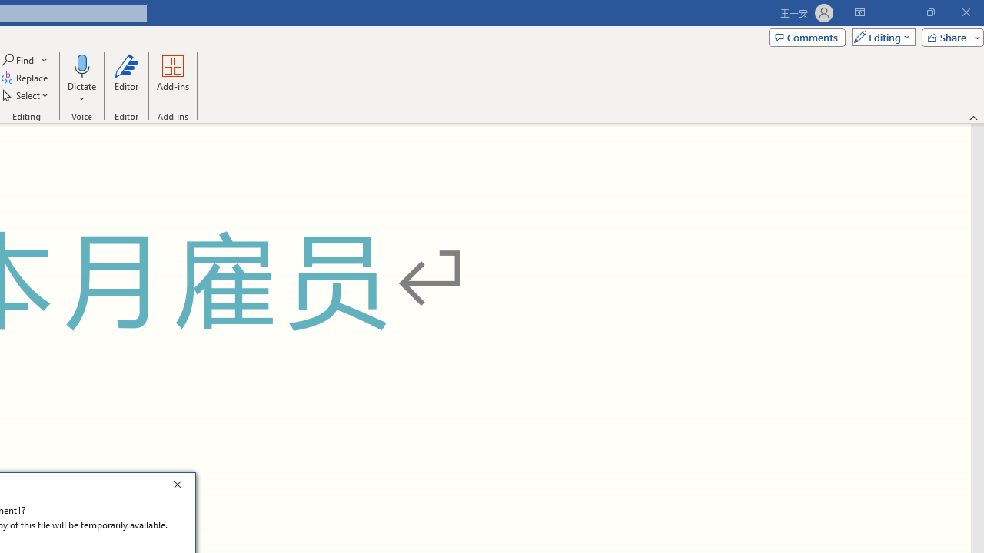 Image resolution: width=984 pixels, height=553 pixels. What do you see at coordinates (879, 36) in the screenshot?
I see `'Editing'` at bounding box center [879, 36].